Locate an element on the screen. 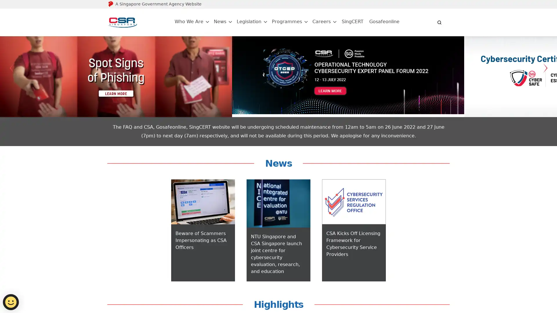  Previous is located at coordinates (11, 81).